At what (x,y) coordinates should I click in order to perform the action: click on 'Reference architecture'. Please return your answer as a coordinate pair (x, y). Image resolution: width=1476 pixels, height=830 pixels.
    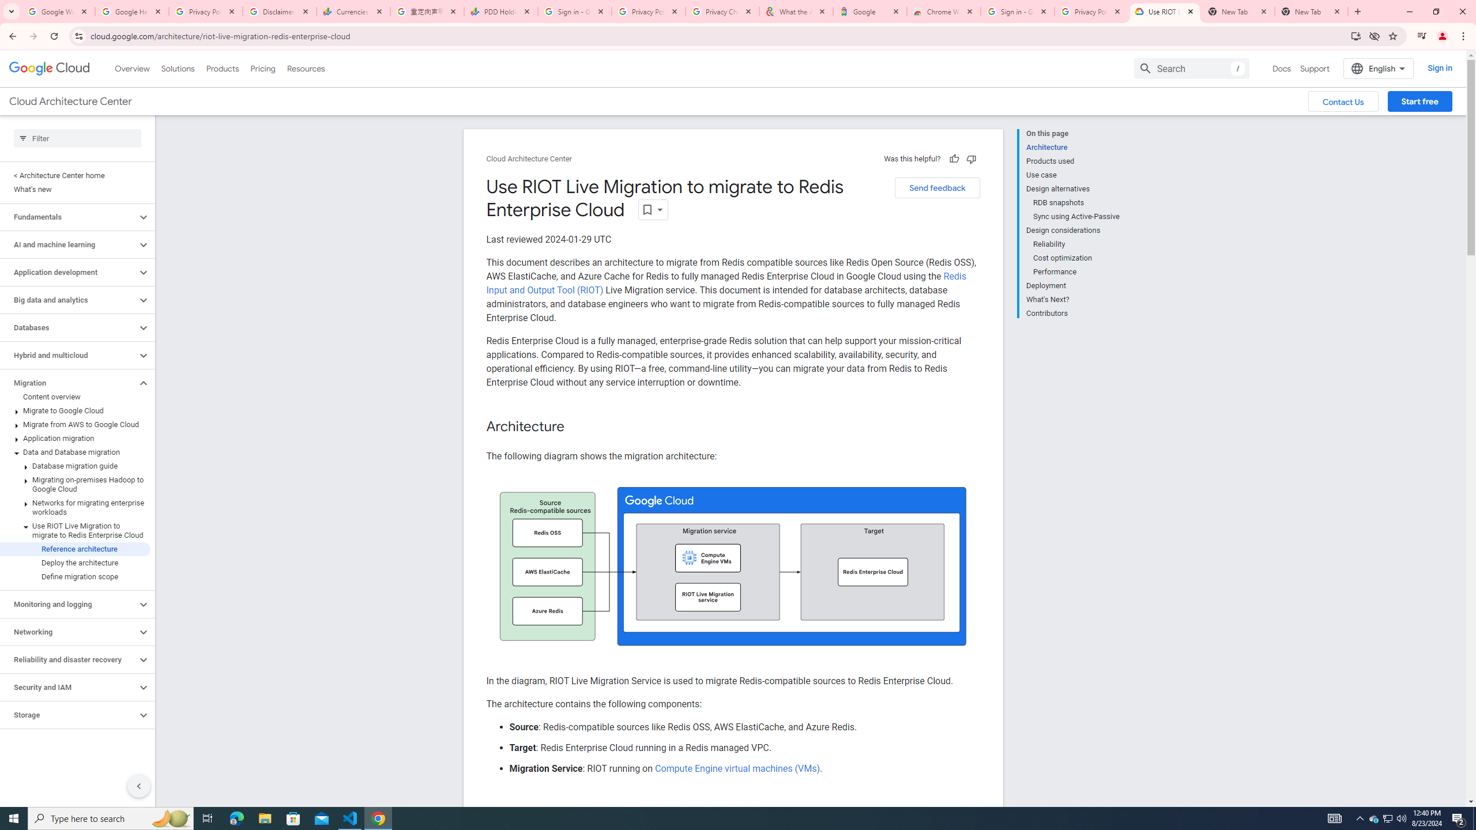
    Looking at the image, I should click on (75, 548).